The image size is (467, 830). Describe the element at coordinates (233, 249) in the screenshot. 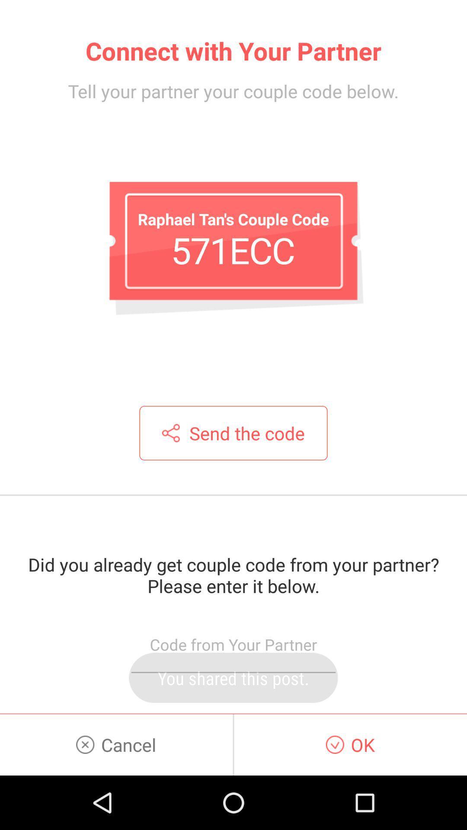

I see `the icon below tell your partner app` at that location.